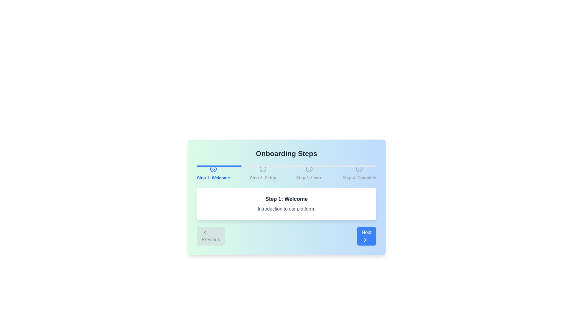 This screenshot has height=318, width=566. I want to click on the icon representing the current progress on 'Step 3: Learn' in the multi-step onboarding wizard as a static visual representation, so click(309, 169).